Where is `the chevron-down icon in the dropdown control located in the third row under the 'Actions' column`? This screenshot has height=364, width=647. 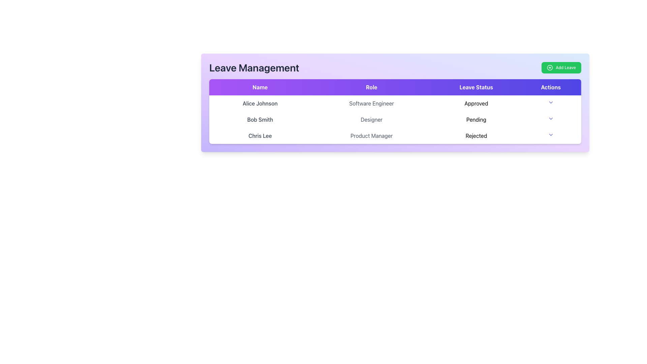
the chevron-down icon in the dropdown control located in the third row under the 'Actions' column is located at coordinates (550, 135).